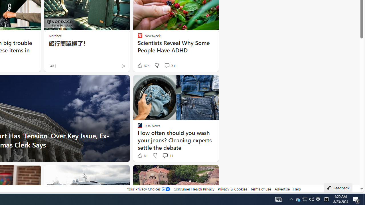  I want to click on 'Privacy & Cookies', so click(232, 189).